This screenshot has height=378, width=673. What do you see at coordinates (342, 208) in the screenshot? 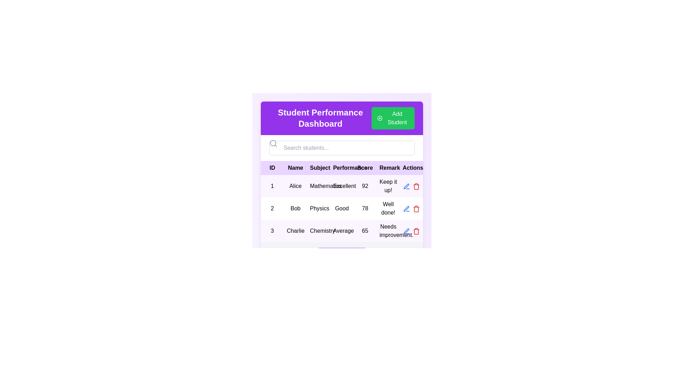
I see `on the second table row displaying student 'Bob'` at bounding box center [342, 208].